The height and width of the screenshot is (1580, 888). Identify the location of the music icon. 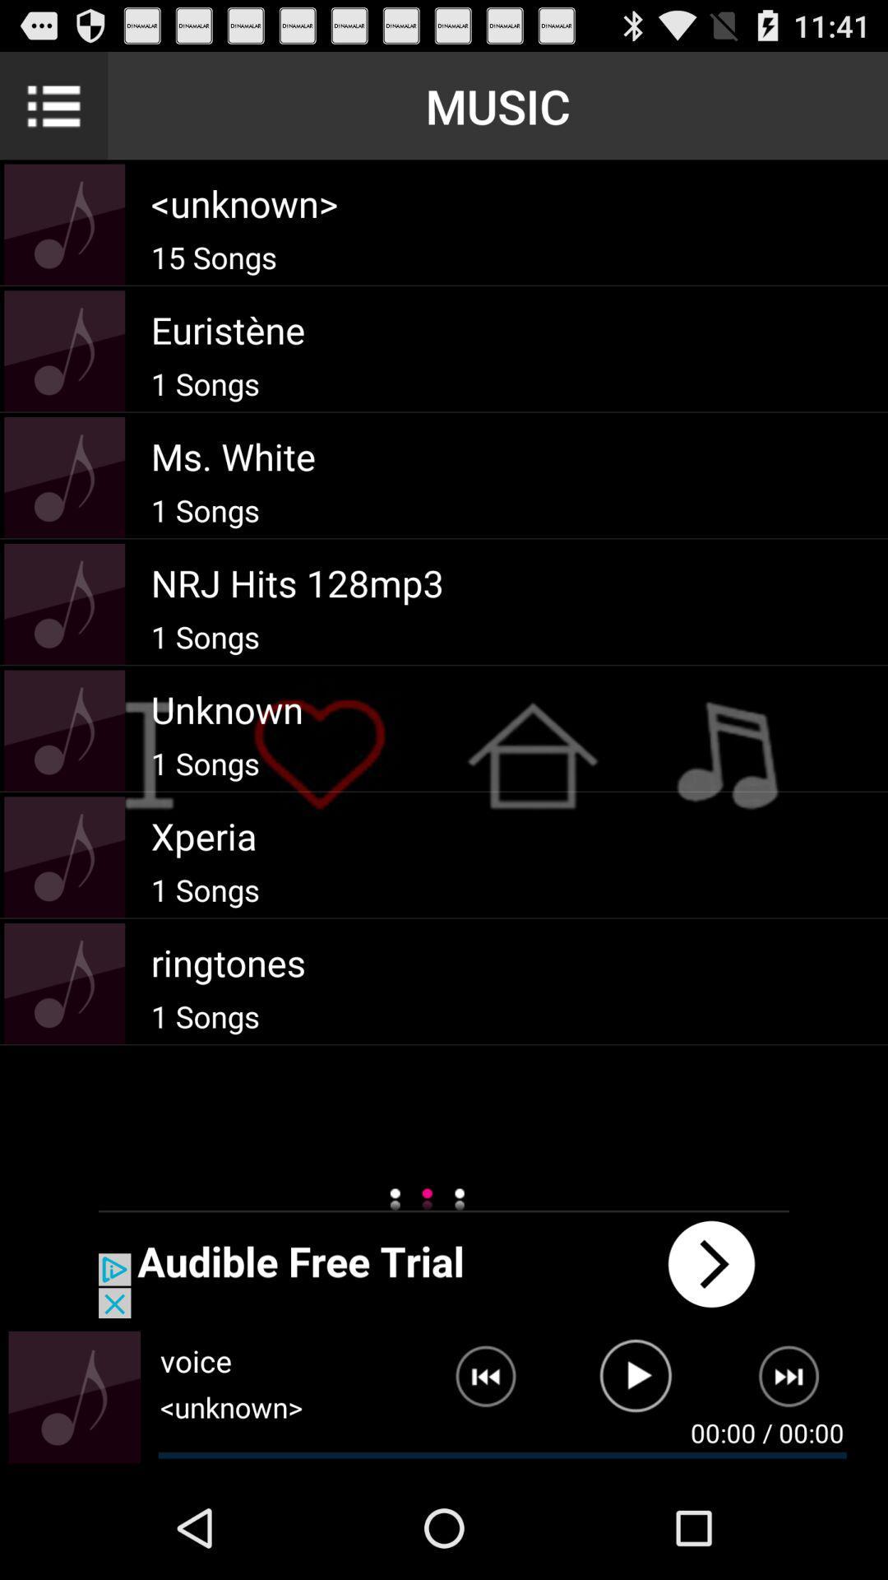
(74, 1495).